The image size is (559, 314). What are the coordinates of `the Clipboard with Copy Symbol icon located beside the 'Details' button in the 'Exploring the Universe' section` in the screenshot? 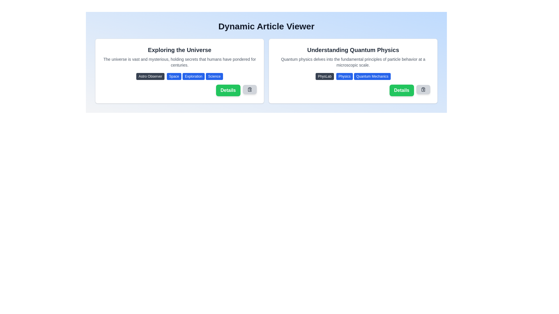 It's located at (250, 90).